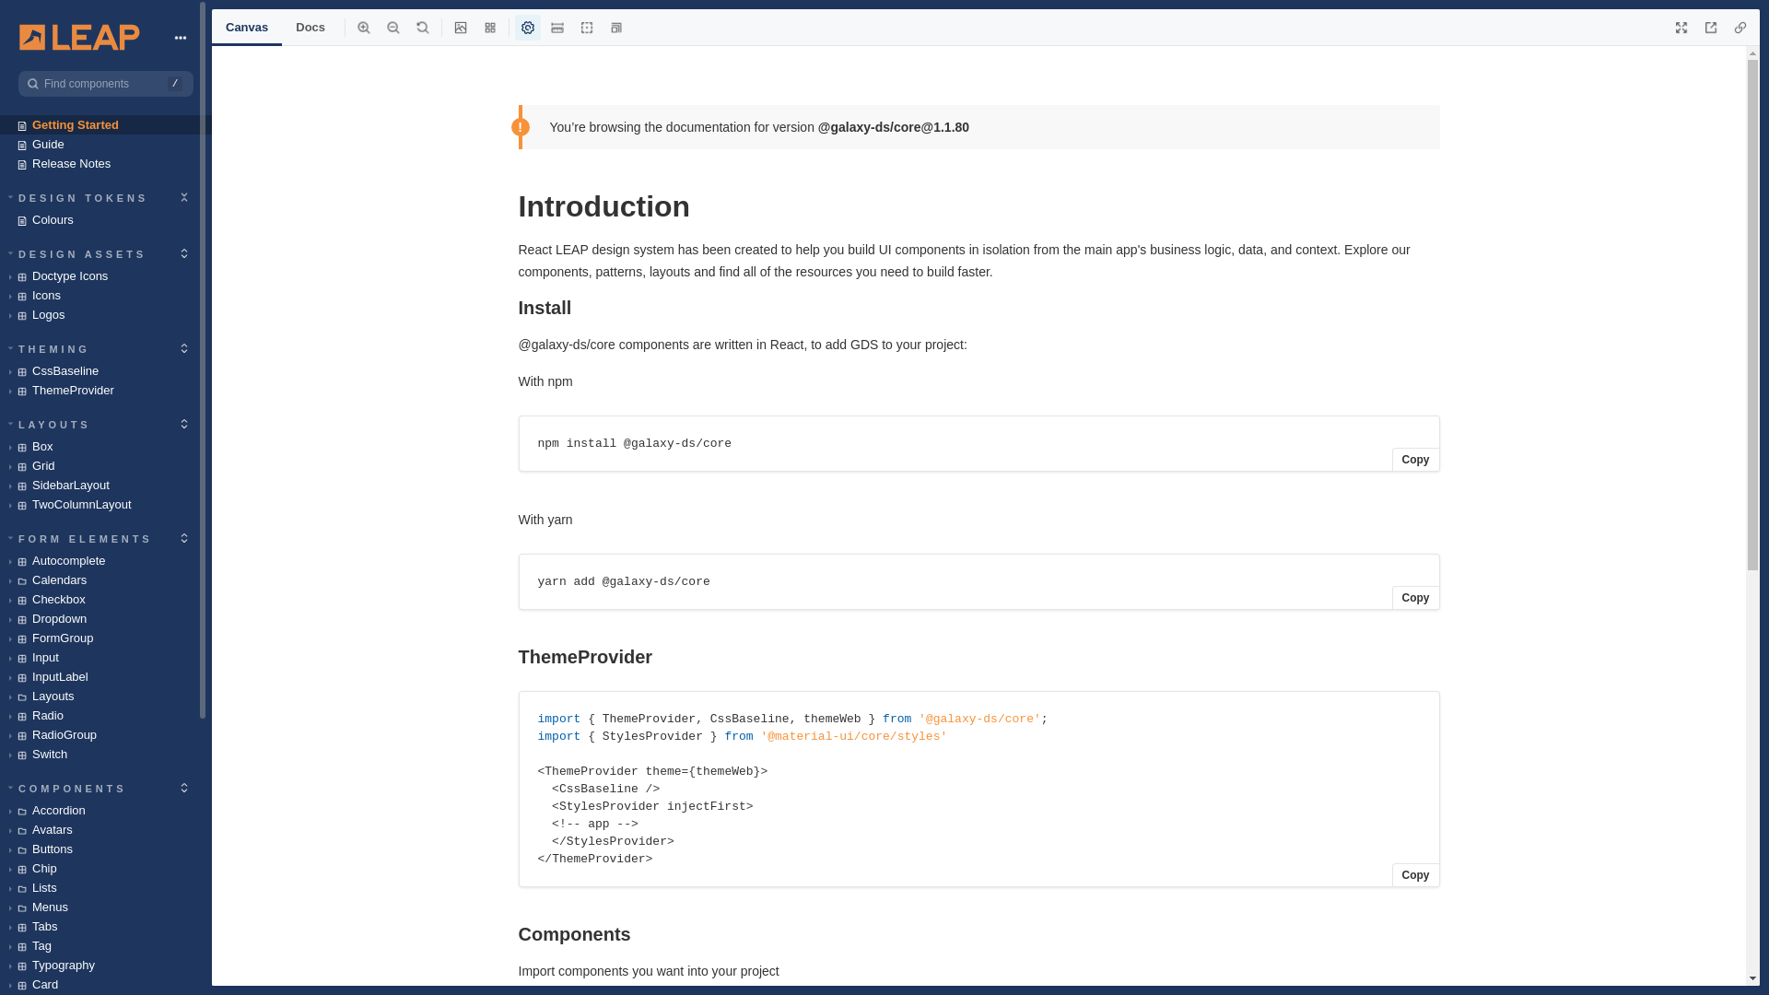 Image resolution: width=1769 pixels, height=995 pixels. What do you see at coordinates (105, 964) in the screenshot?
I see `'Typography'` at bounding box center [105, 964].